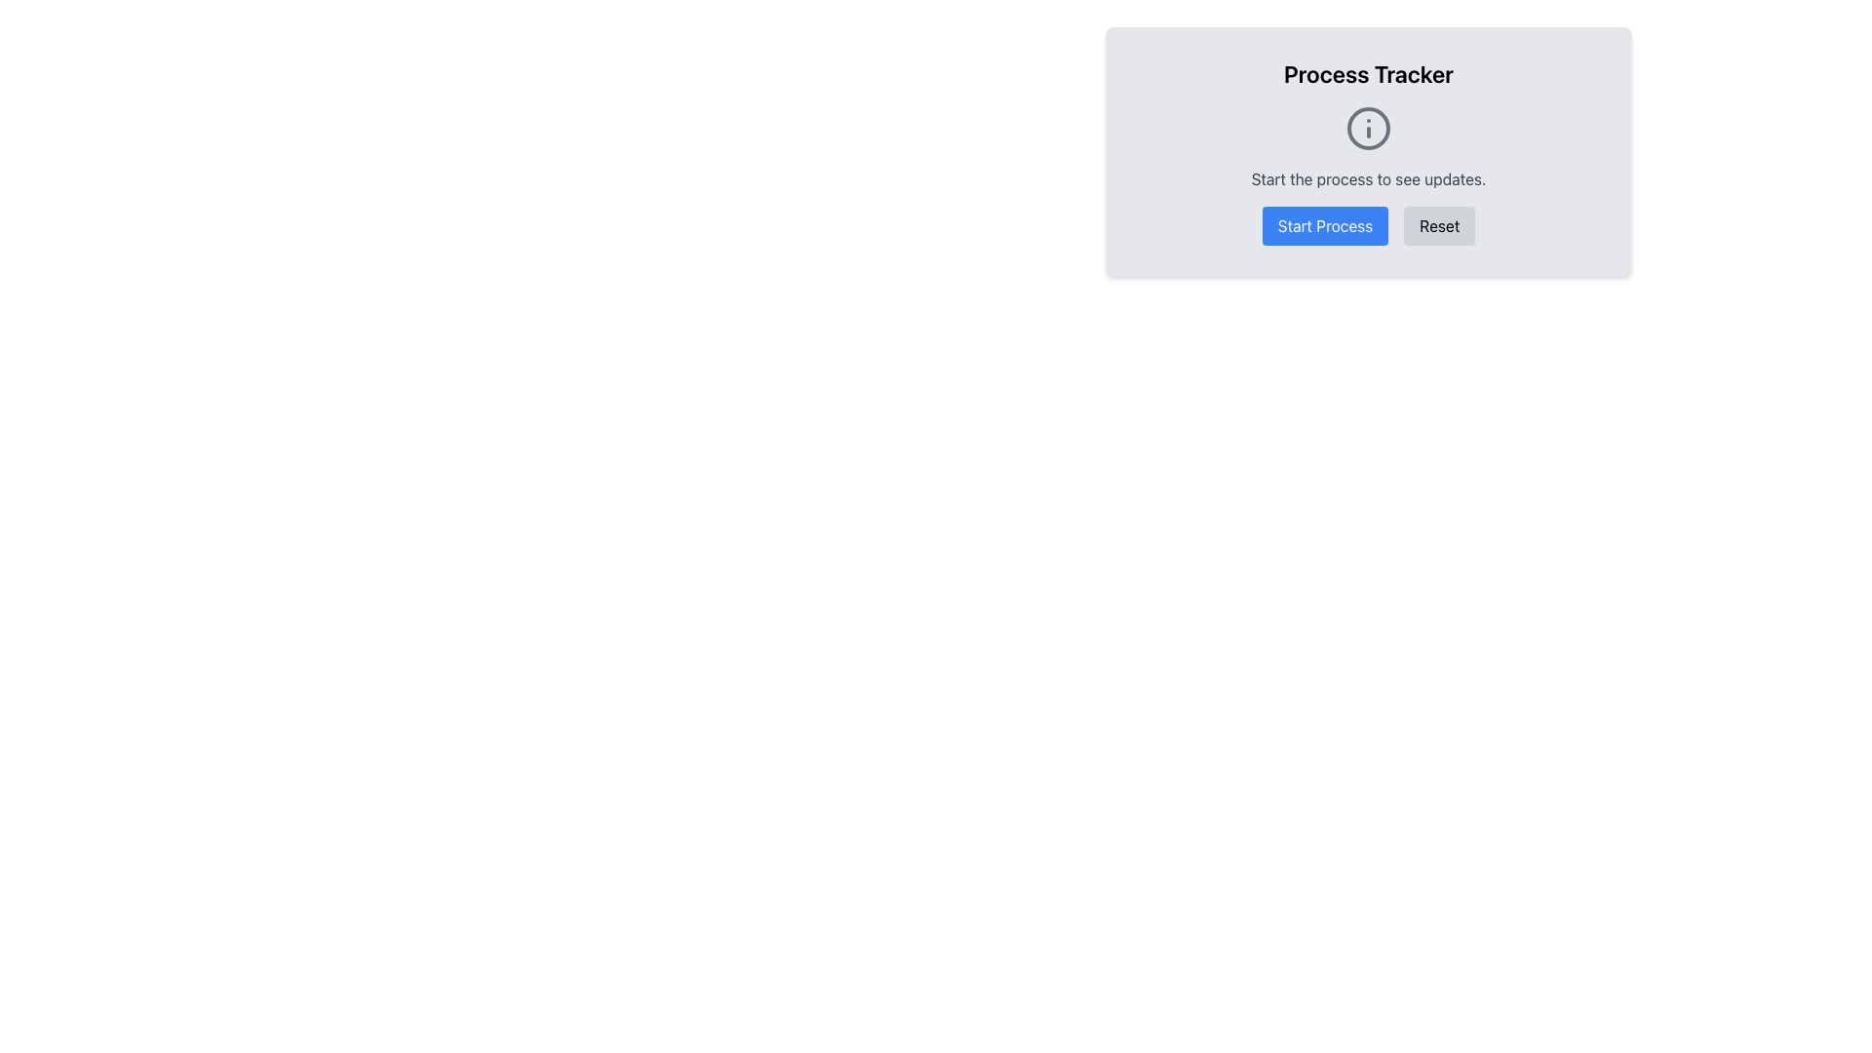  I want to click on the Info Icon located below the 'Process Tracker' title and above the text 'Start the process, so click(1367, 128).